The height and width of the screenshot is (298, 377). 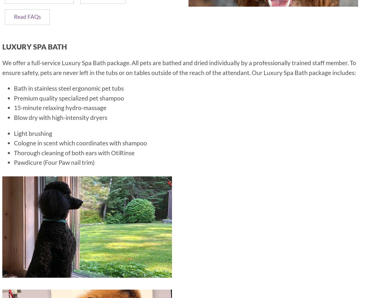 I want to click on 'Thorough cleaning of both ears with OtiRinse', so click(x=74, y=152).